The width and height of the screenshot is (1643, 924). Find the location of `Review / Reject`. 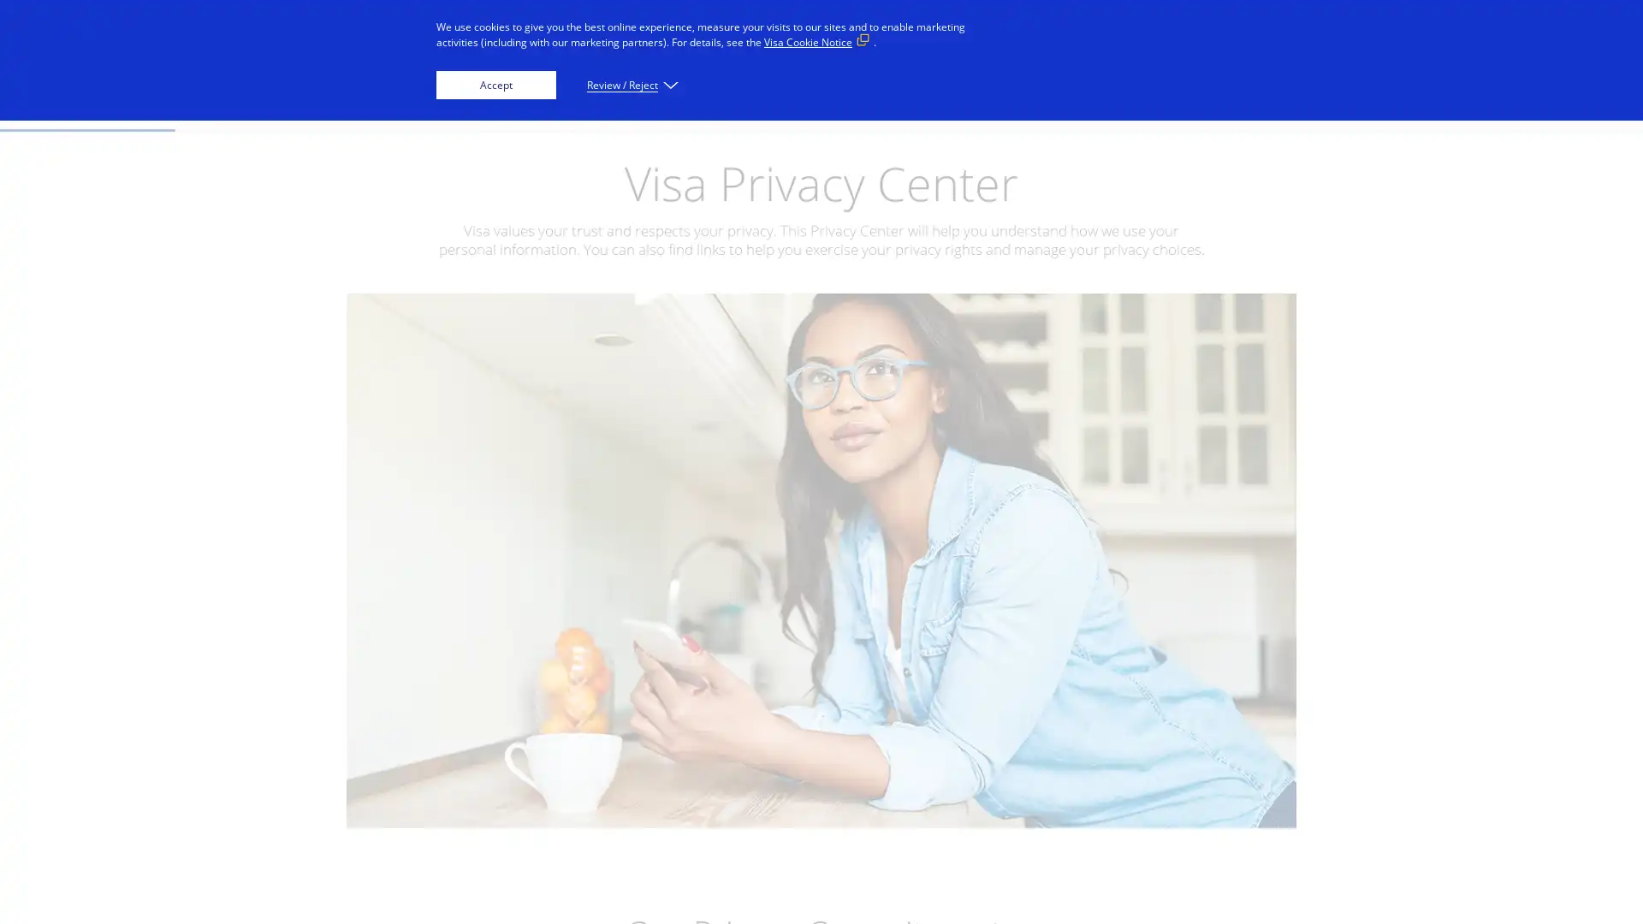

Review / Reject is located at coordinates (629, 85).